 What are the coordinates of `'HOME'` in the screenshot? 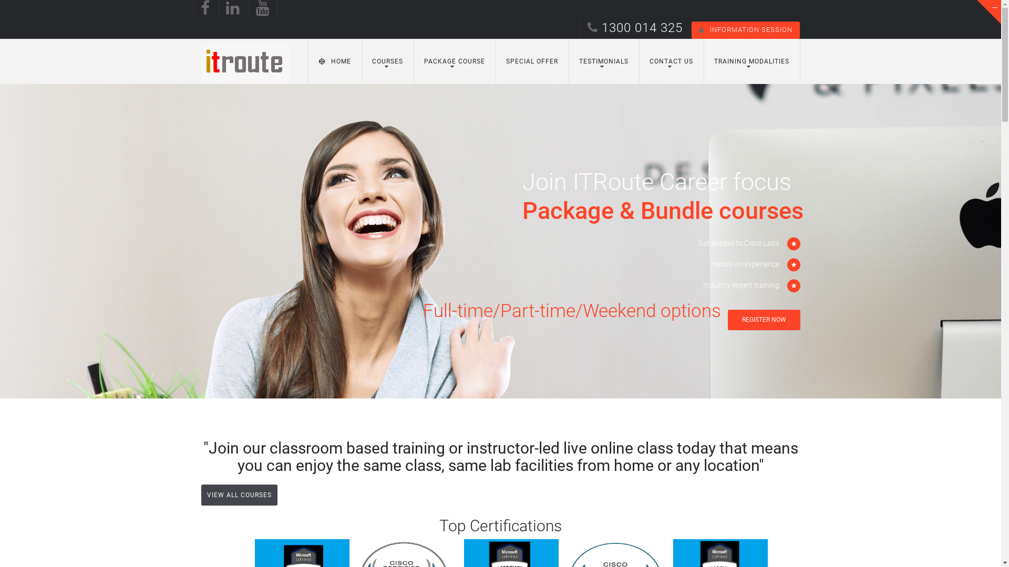 It's located at (334, 61).